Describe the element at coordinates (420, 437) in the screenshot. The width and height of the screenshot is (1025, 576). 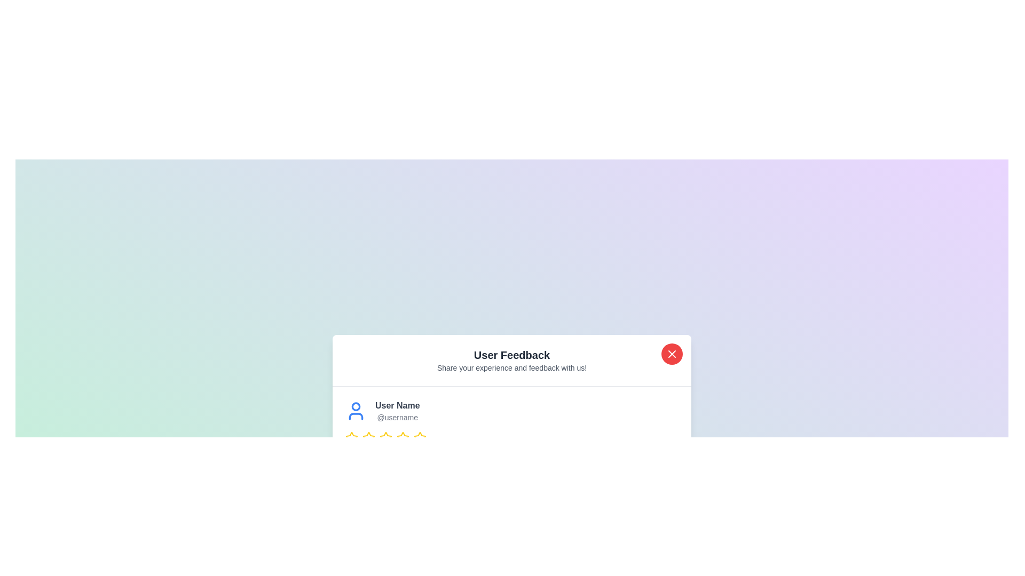
I see `the fifth rating star icon, which indicates the highest rating level` at that location.